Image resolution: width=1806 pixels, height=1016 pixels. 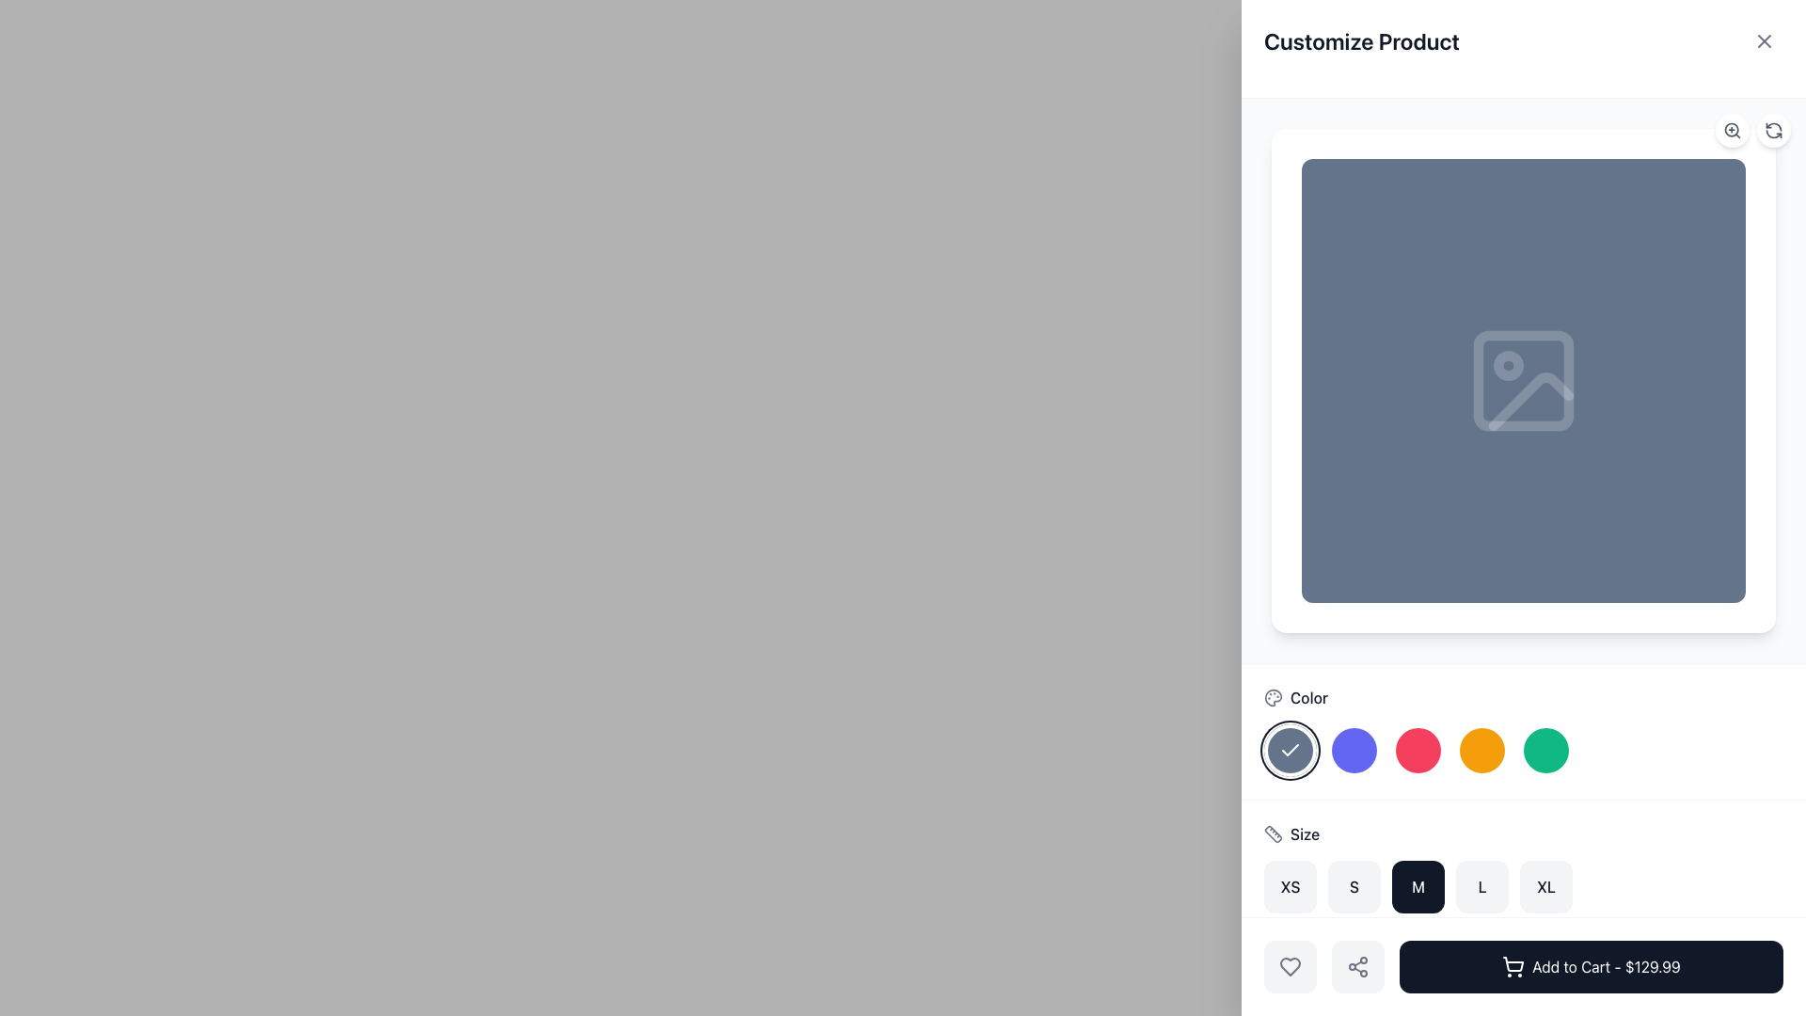 What do you see at coordinates (1290, 750) in the screenshot?
I see `outlined checkmark icon that is centered within the first circular button in the 'Color' section of the interface` at bounding box center [1290, 750].